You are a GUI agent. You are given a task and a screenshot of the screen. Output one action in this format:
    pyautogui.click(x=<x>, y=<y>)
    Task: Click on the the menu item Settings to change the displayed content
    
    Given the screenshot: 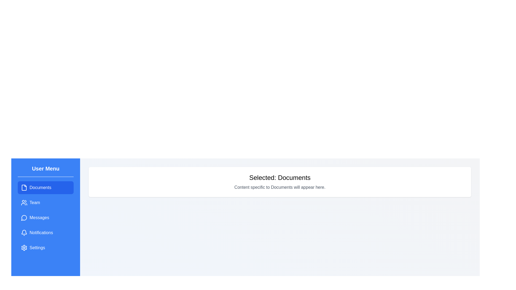 What is the action you would take?
    pyautogui.click(x=45, y=248)
    